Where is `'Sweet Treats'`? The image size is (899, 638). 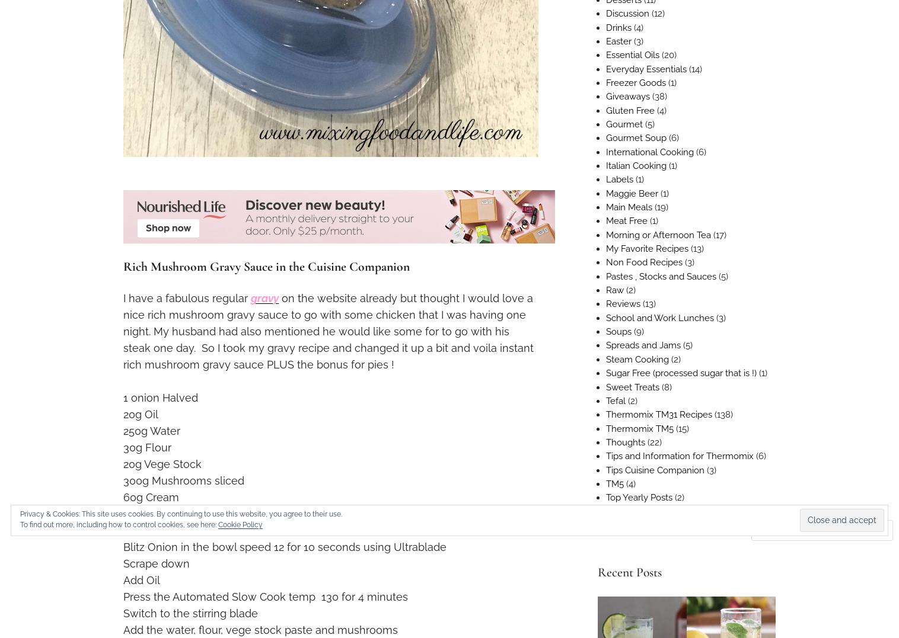 'Sweet Treats' is located at coordinates (632, 386).